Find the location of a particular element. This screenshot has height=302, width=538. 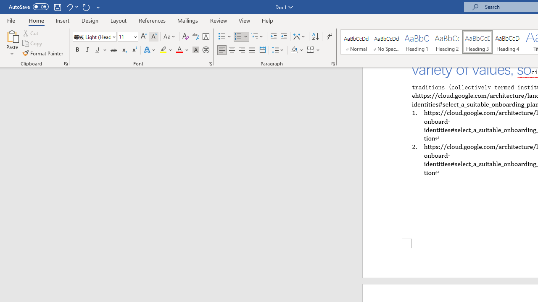

'Change Case' is located at coordinates (169, 36).